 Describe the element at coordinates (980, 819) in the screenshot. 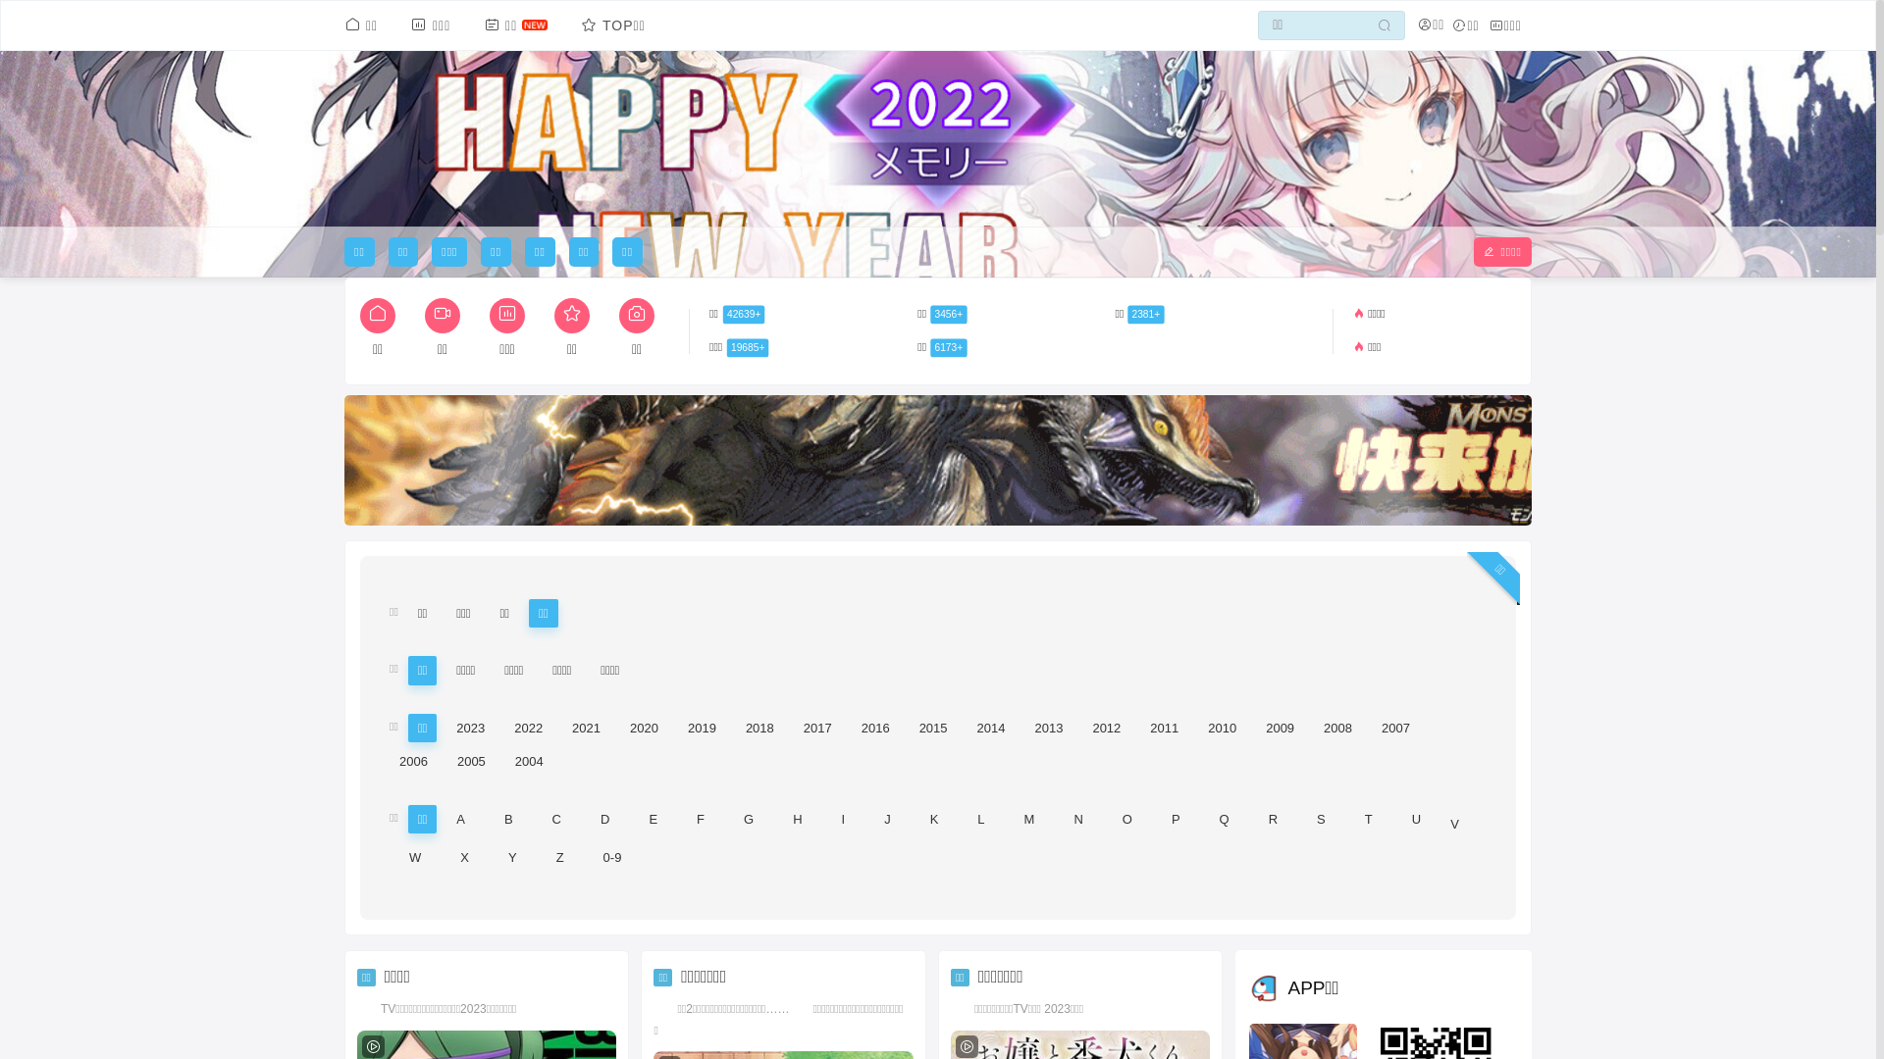

I see `'L'` at that location.